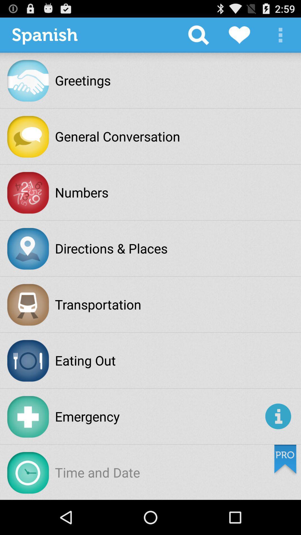  Describe the element at coordinates (98, 304) in the screenshot. I see `the transportation item` at that location.